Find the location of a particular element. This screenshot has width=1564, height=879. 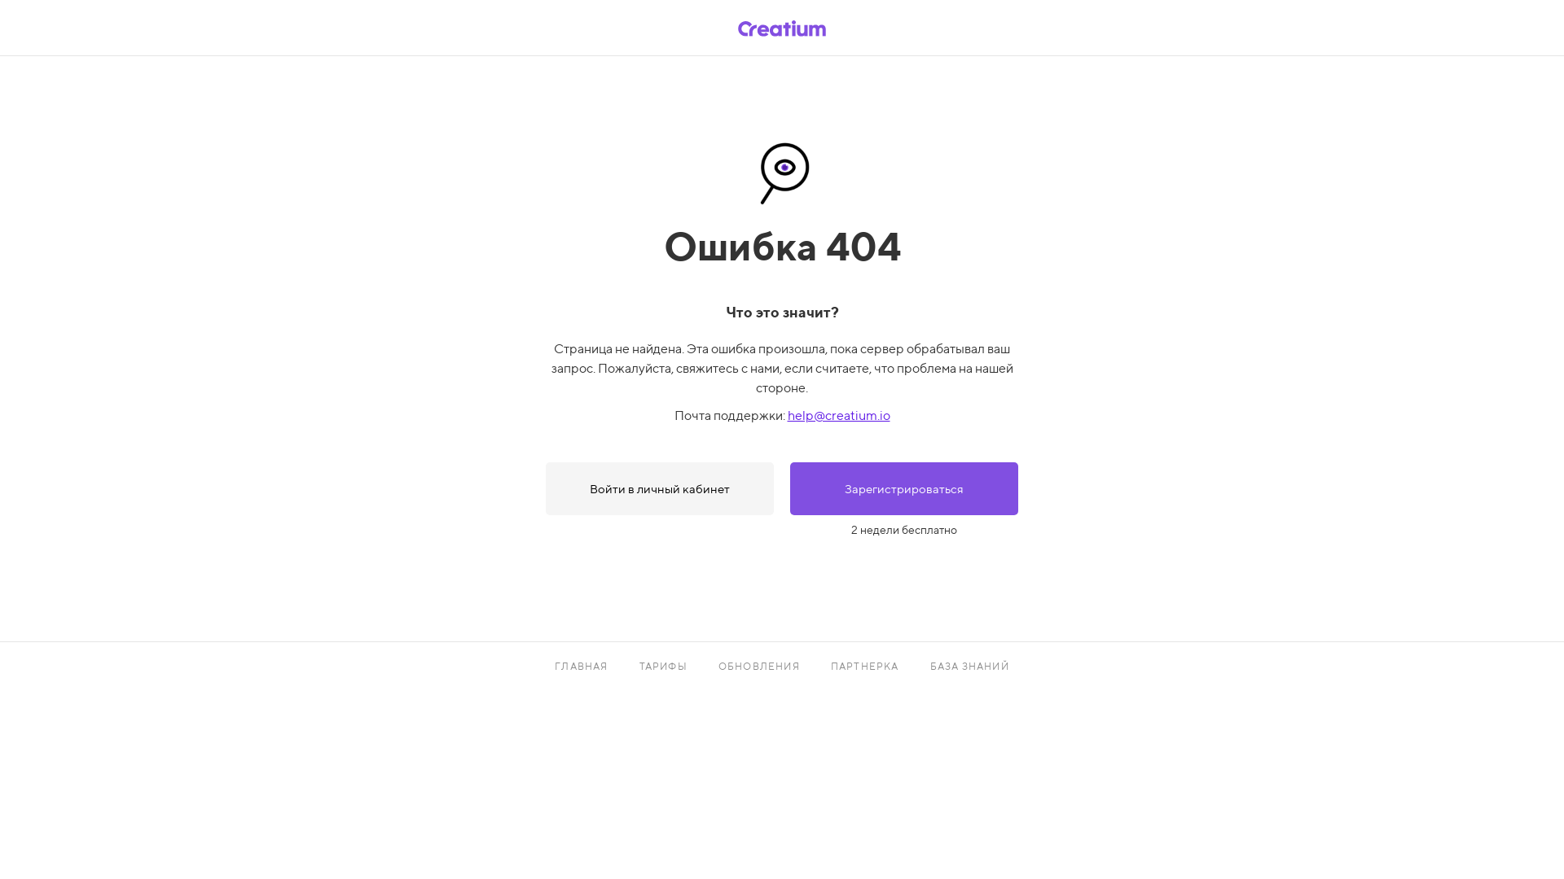

'help@creatium.io' is located at coordinates (837, 414).